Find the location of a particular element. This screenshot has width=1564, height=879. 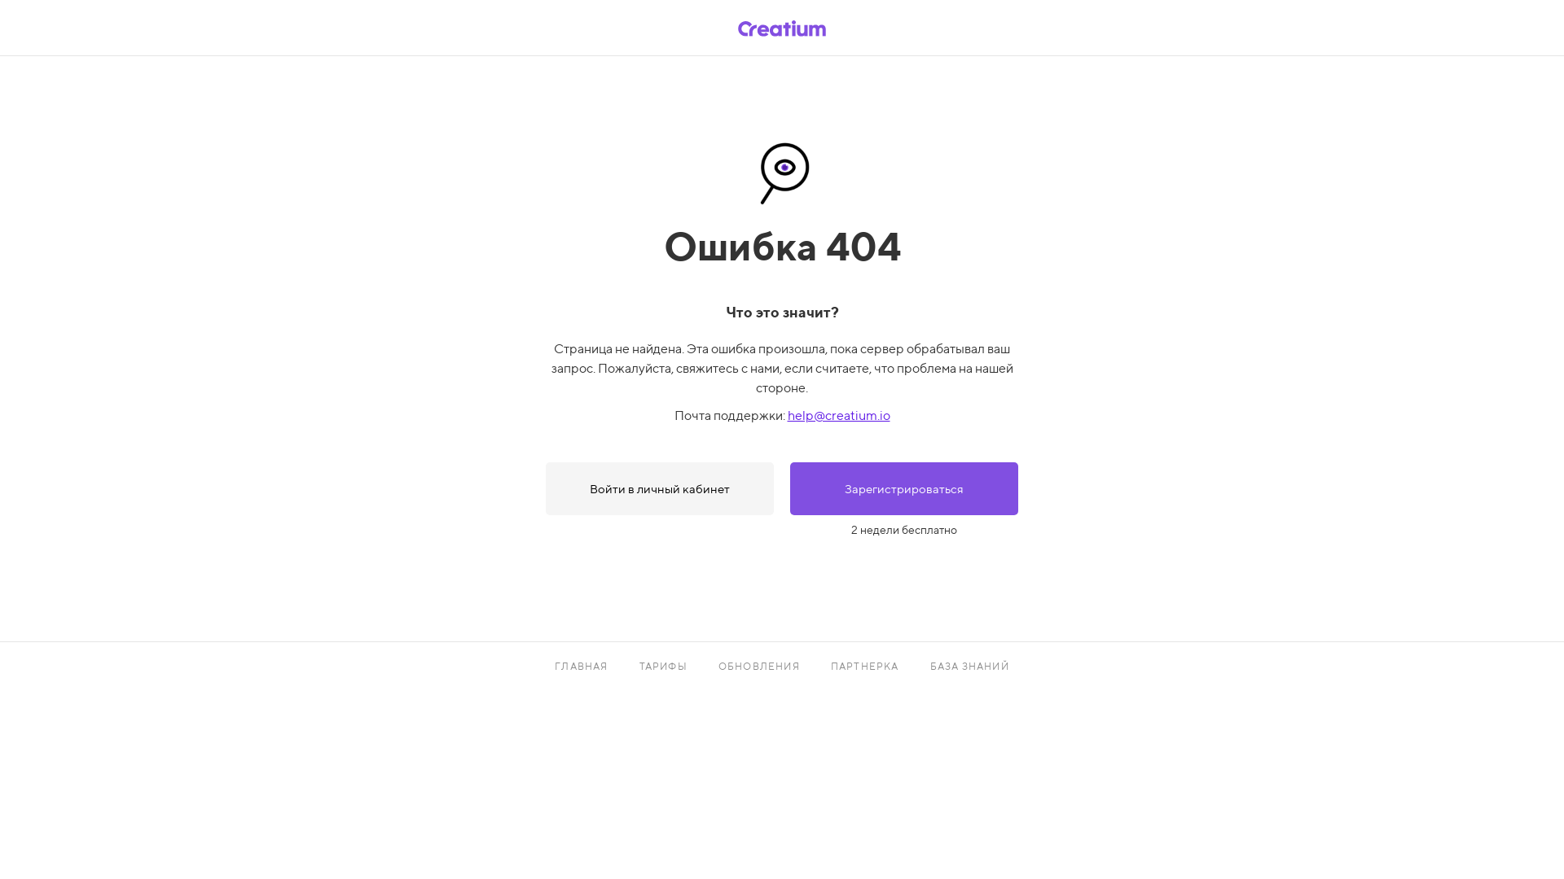

'help@creatium.io' is located at coordinates (837, 414).